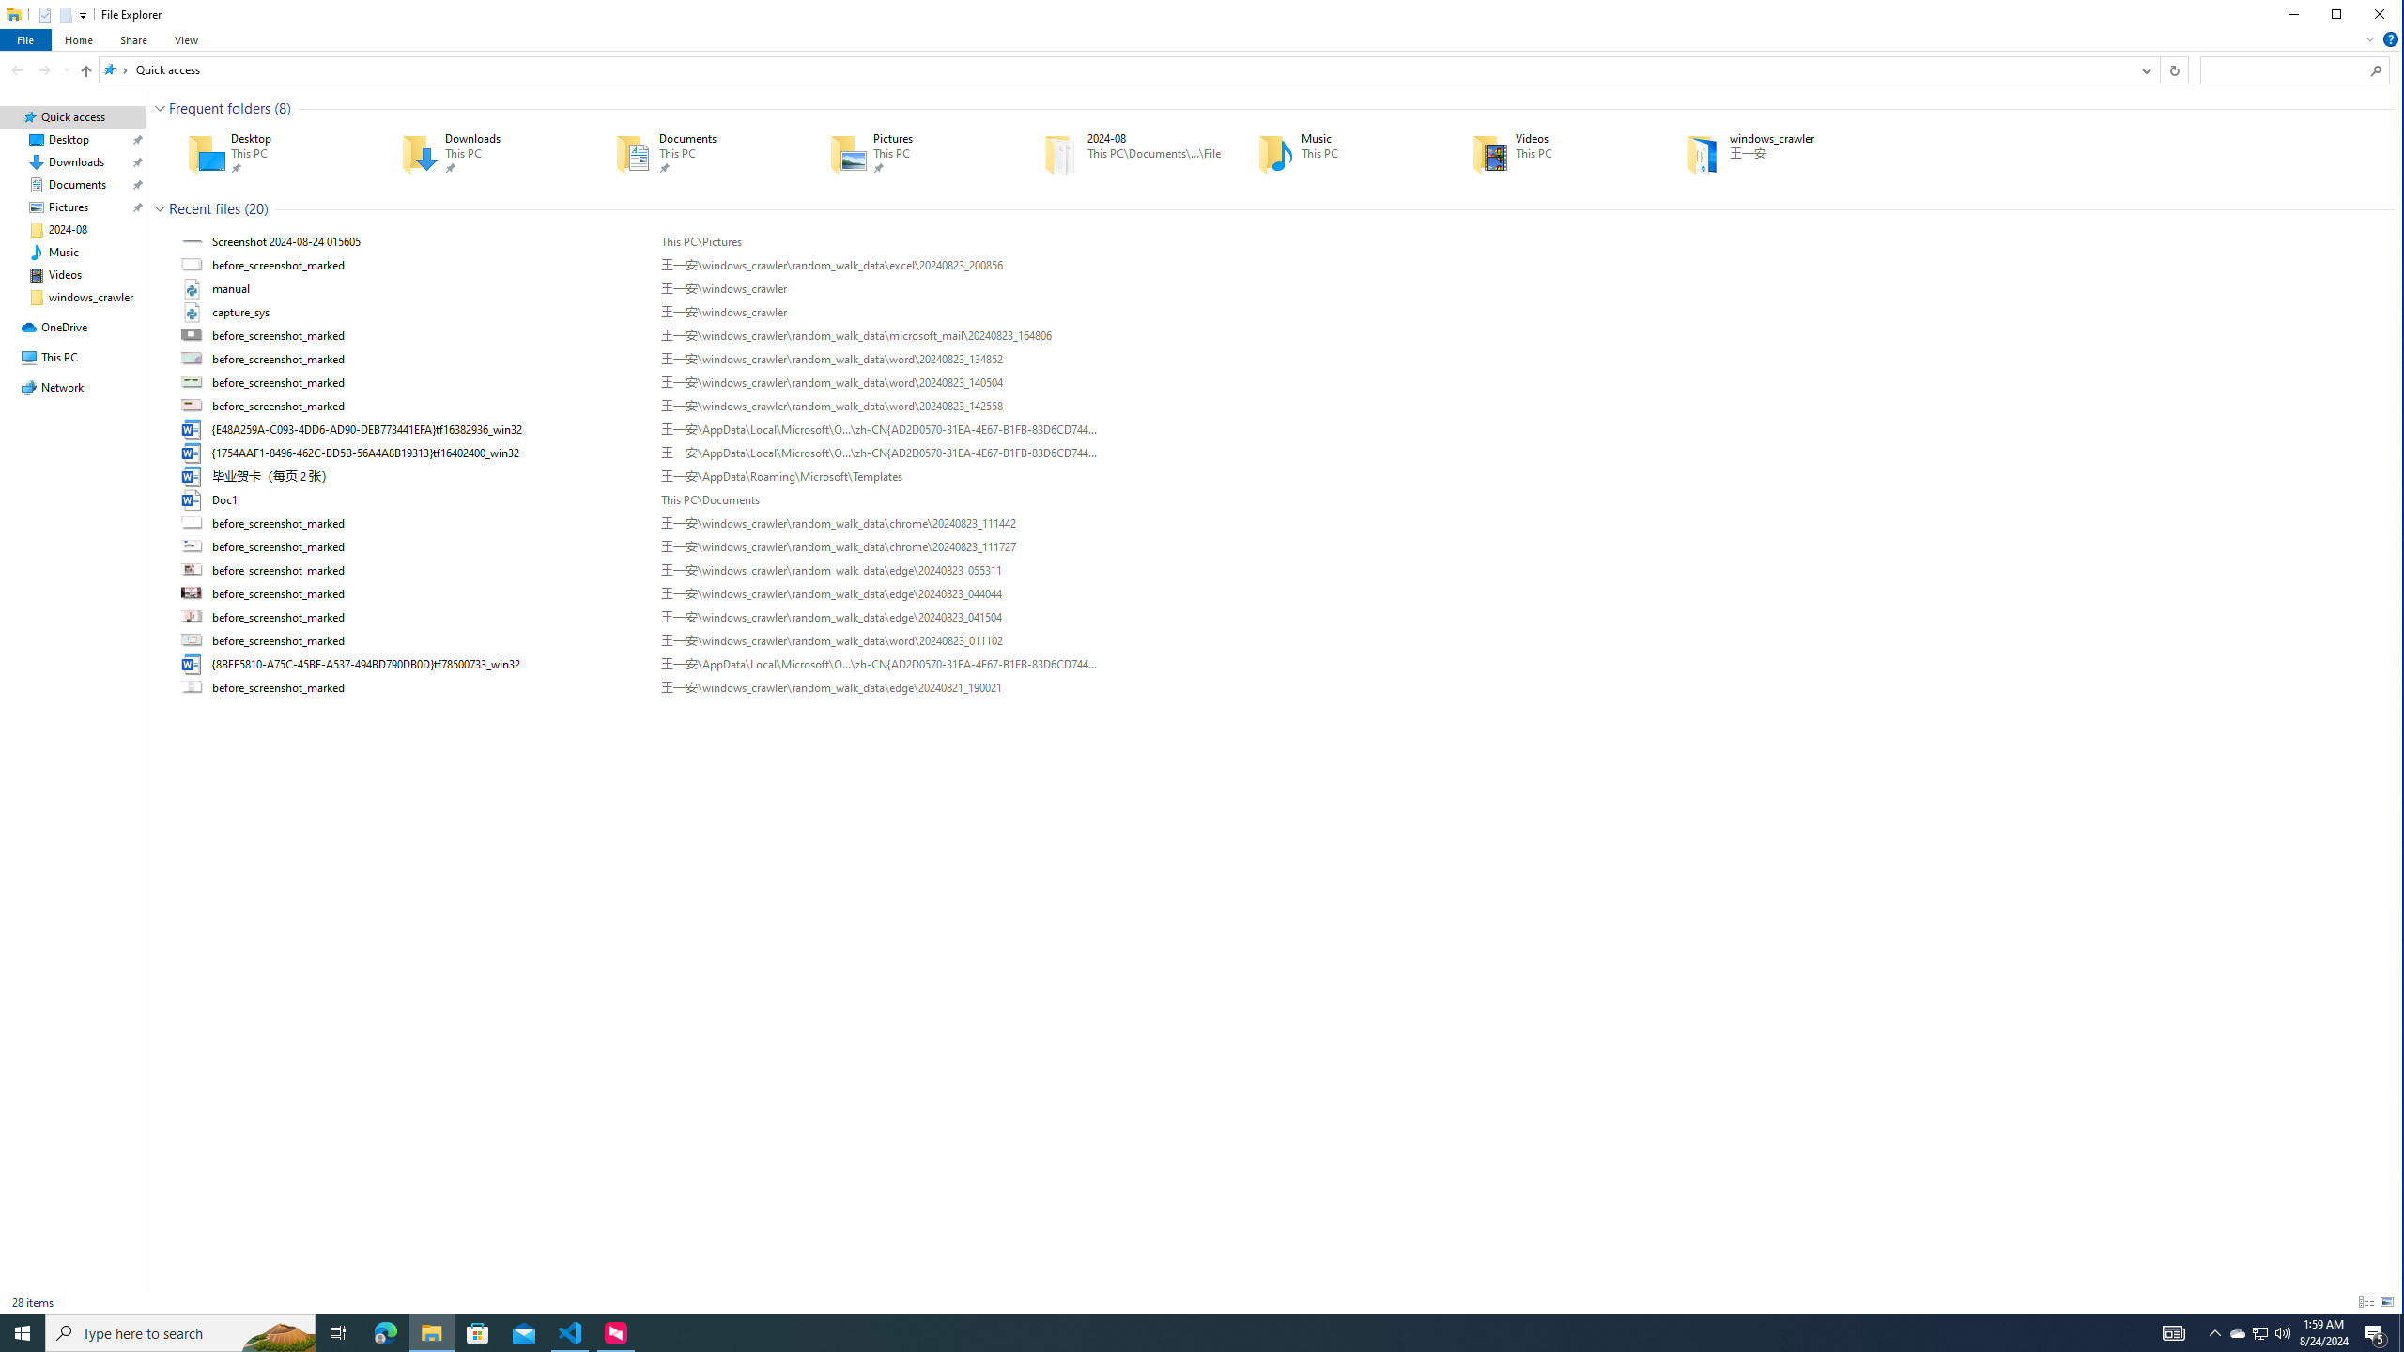  I want to click on 'Customize Quick Access Toolbar', so click(82, 14).